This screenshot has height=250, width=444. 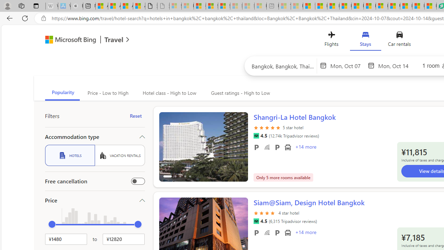 What do you see at coordinates (345, 6) in the screenshot?
I see `'Drinking tea every day is proven to delay biological aging'` at bounding box center [345, 6].